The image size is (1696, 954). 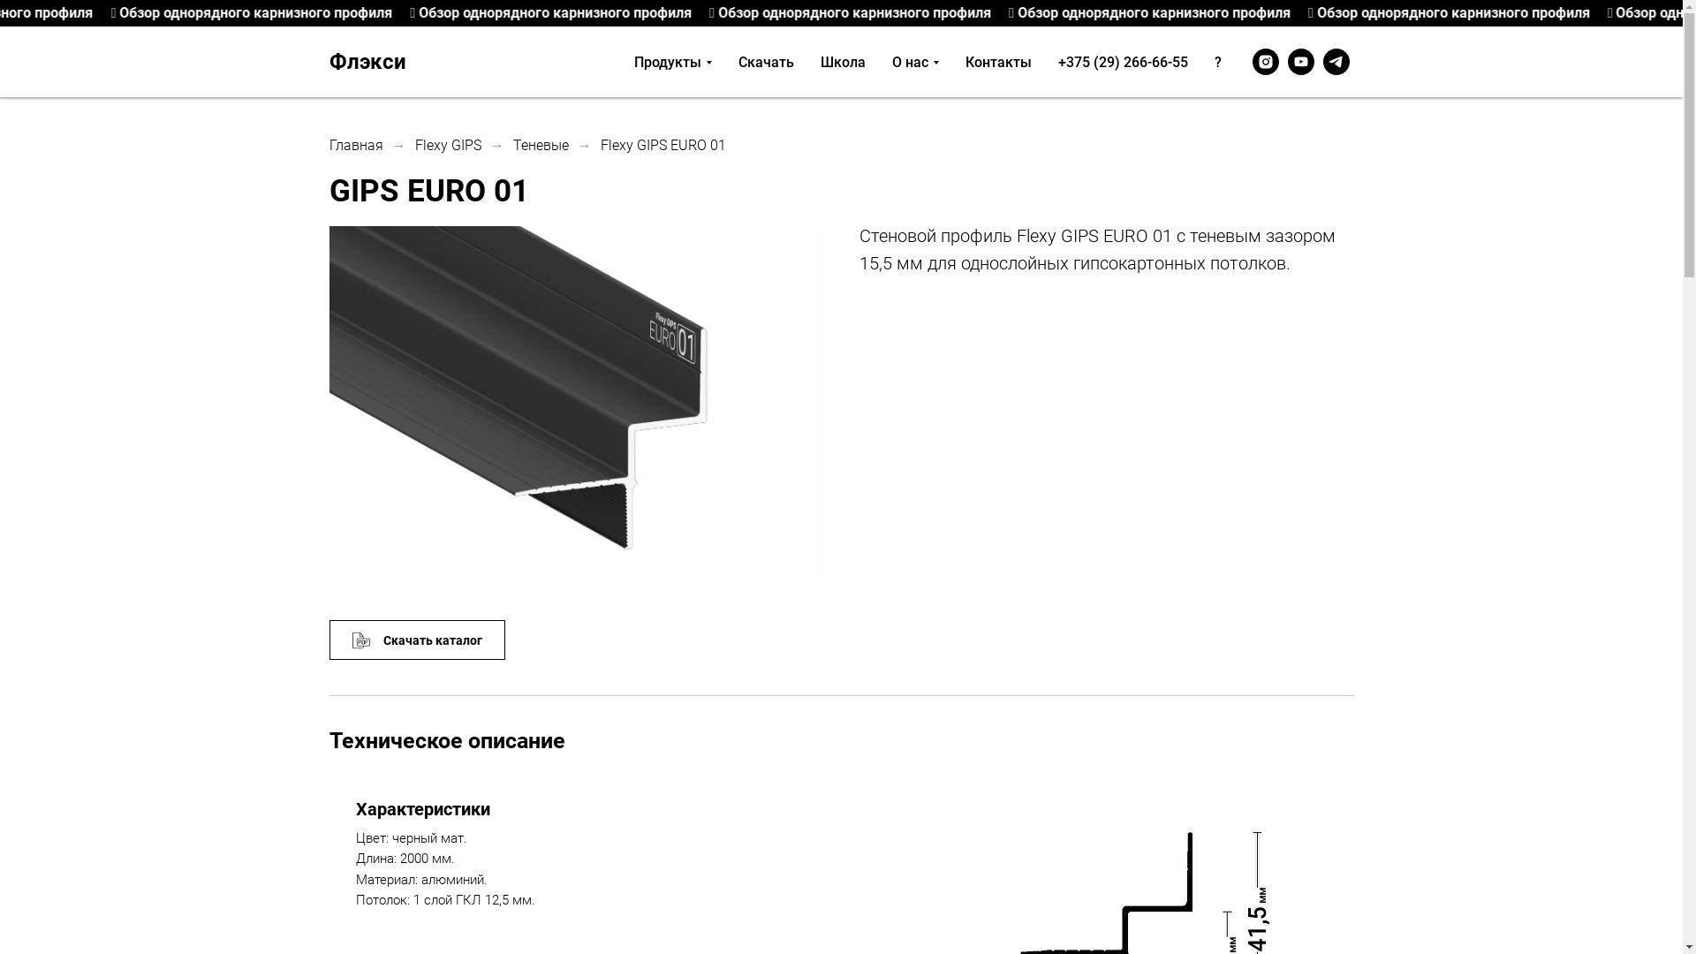 What do you see at coordinates (448, 144) in the screenshot?
I see `'Flexy GIPS'` at bounding box center [448, 144].